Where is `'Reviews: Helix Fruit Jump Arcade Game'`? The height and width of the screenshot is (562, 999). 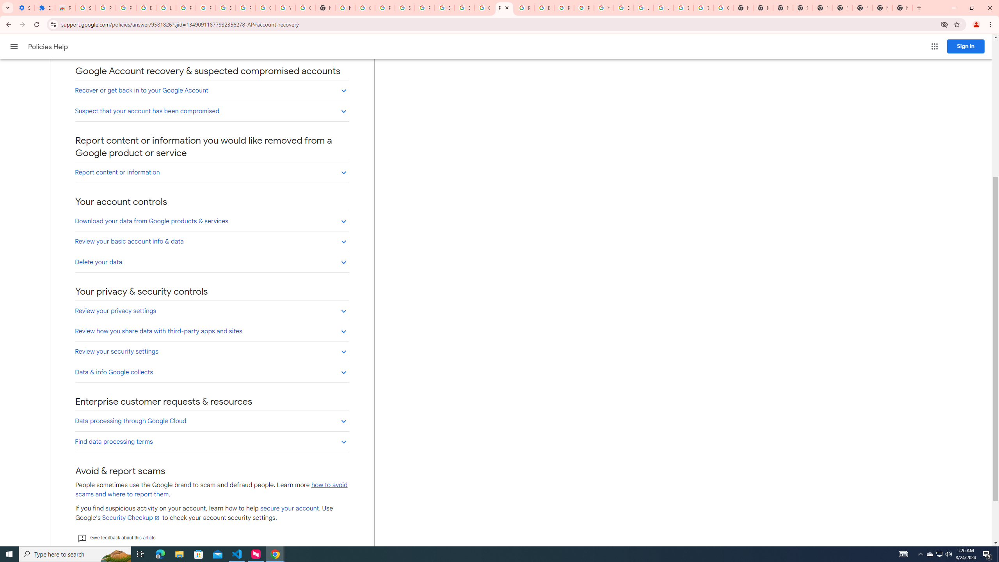
'Reviews: Helix Fruit Jump Arcade Game' is located at coordinates (65, 7).